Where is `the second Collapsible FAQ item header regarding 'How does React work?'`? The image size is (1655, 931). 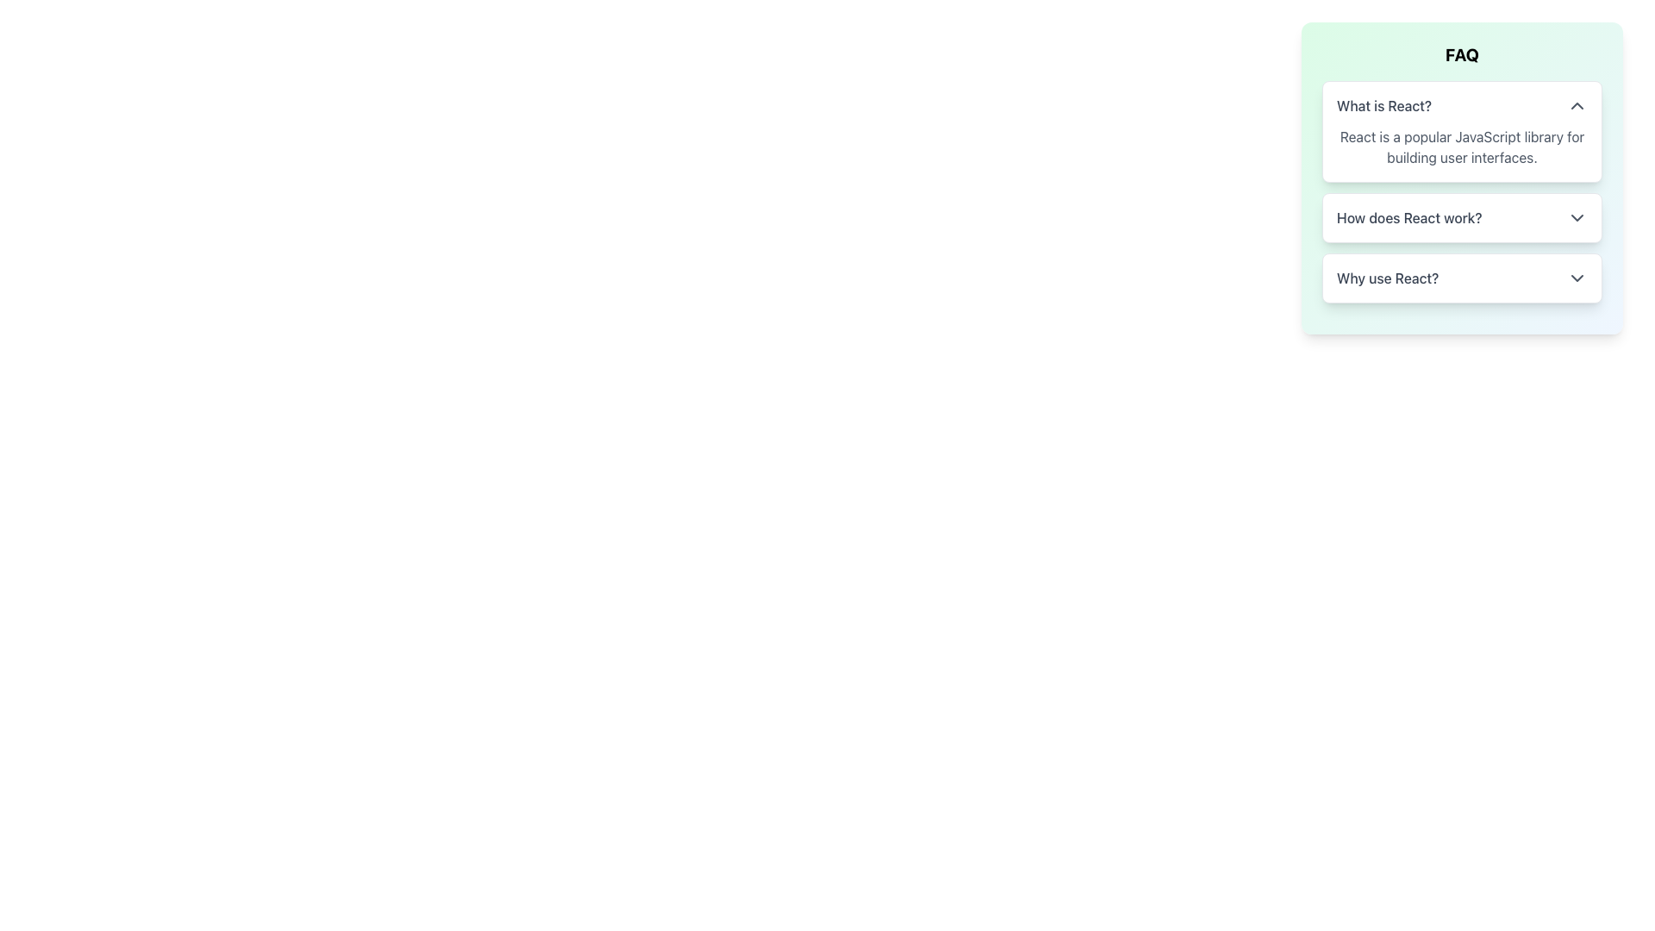
the second Collapsible FAQ item header regarding 'How does React work?' is located at coordinates (1461, 217).